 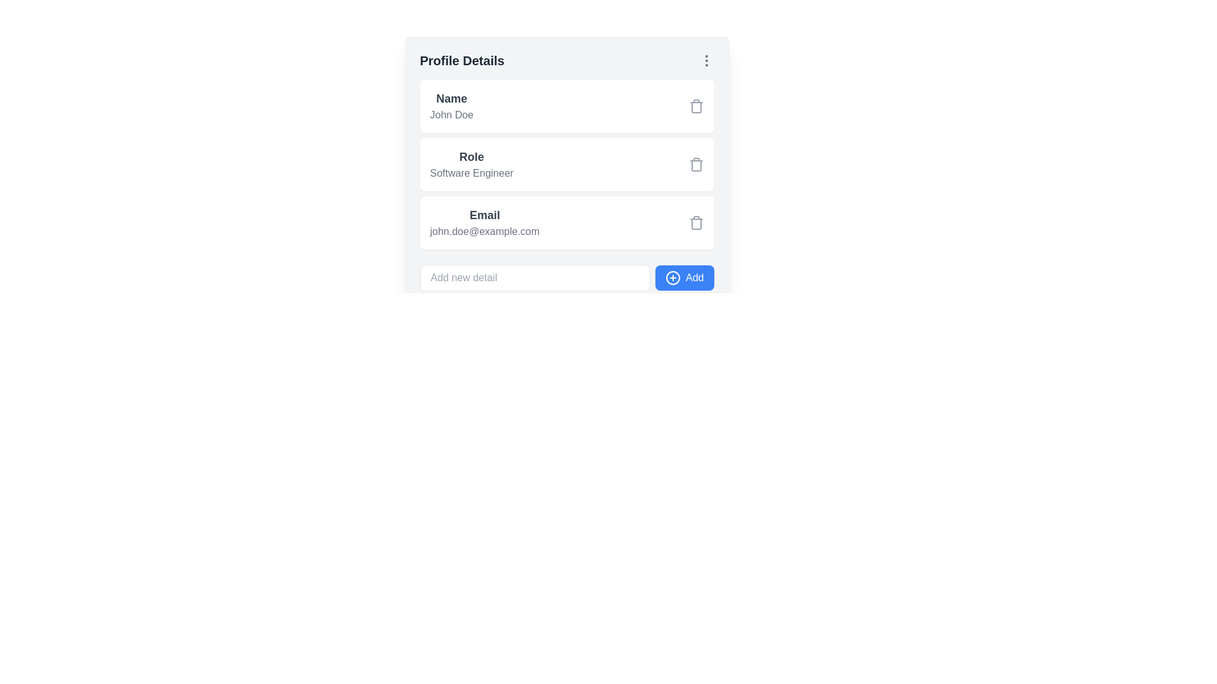 I want to click on the email address text block located in the profile details section, so click(x=484, y=222).